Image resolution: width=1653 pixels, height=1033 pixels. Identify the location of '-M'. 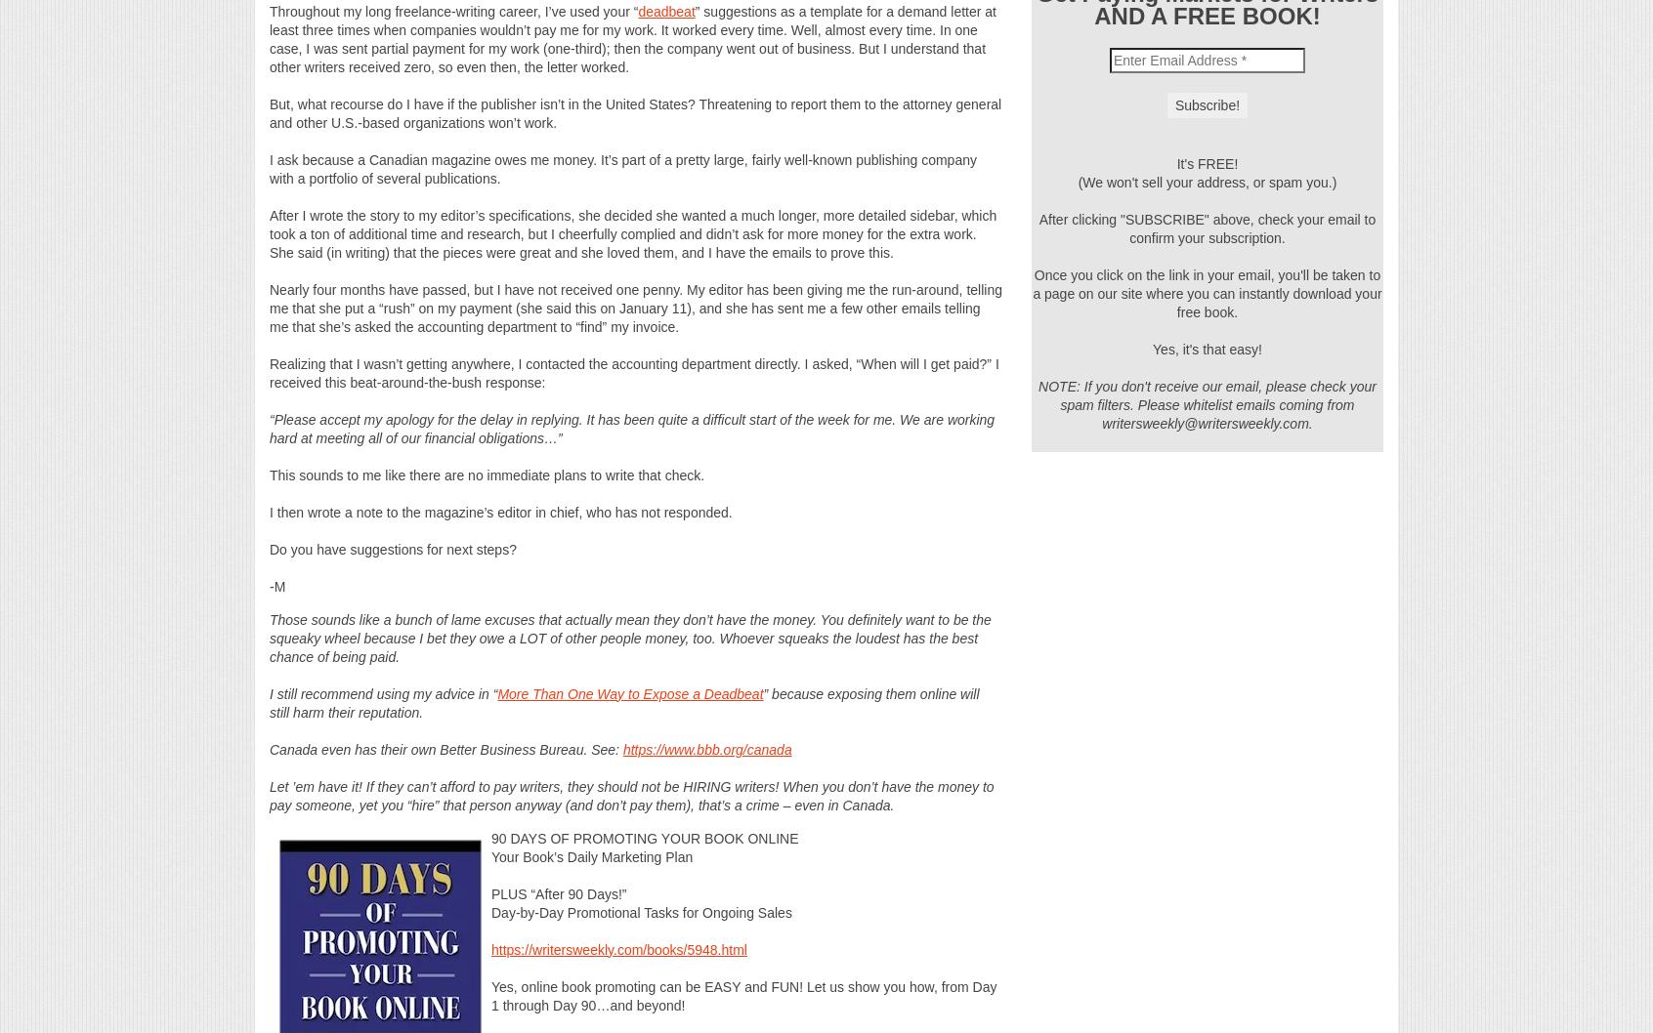
(275, 585).